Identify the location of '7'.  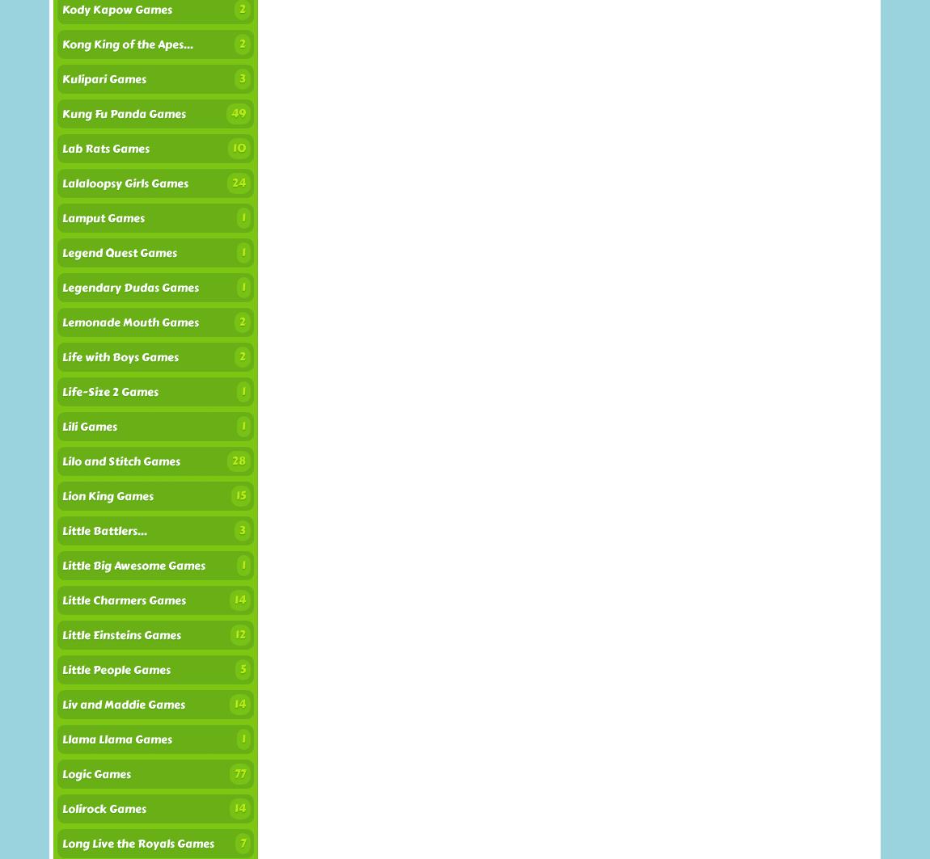
(240, 842).